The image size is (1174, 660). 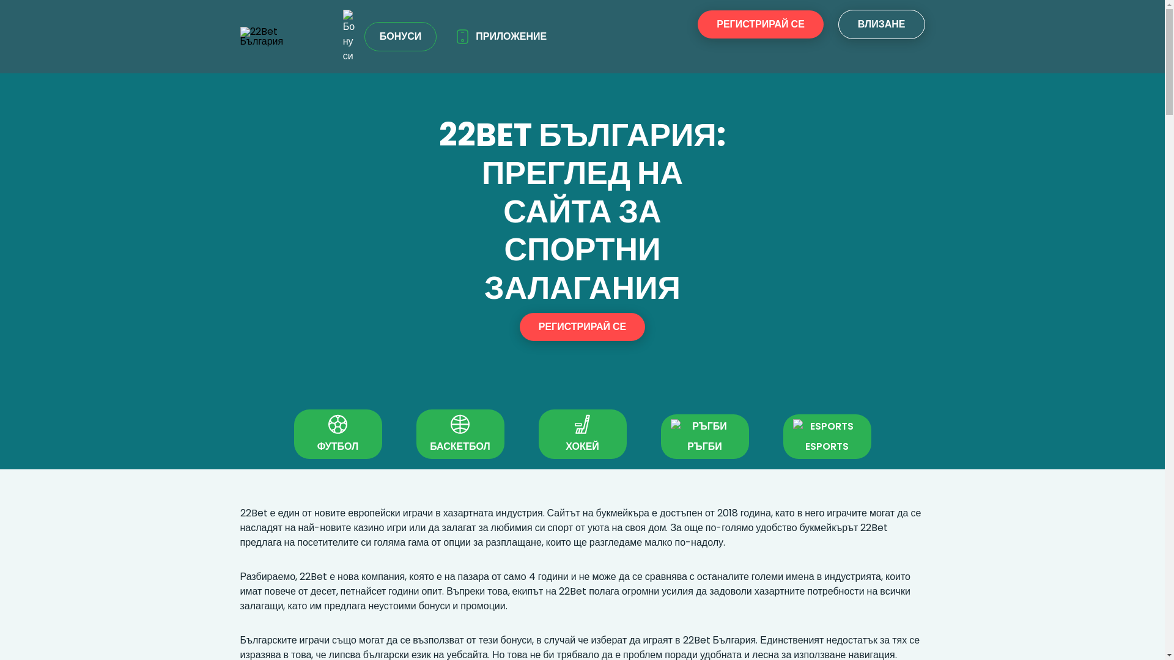 What do you see at coordinates (783, 436) in the screenshot?
I see `'ESPORTS'` at bounding box center [783, 436].